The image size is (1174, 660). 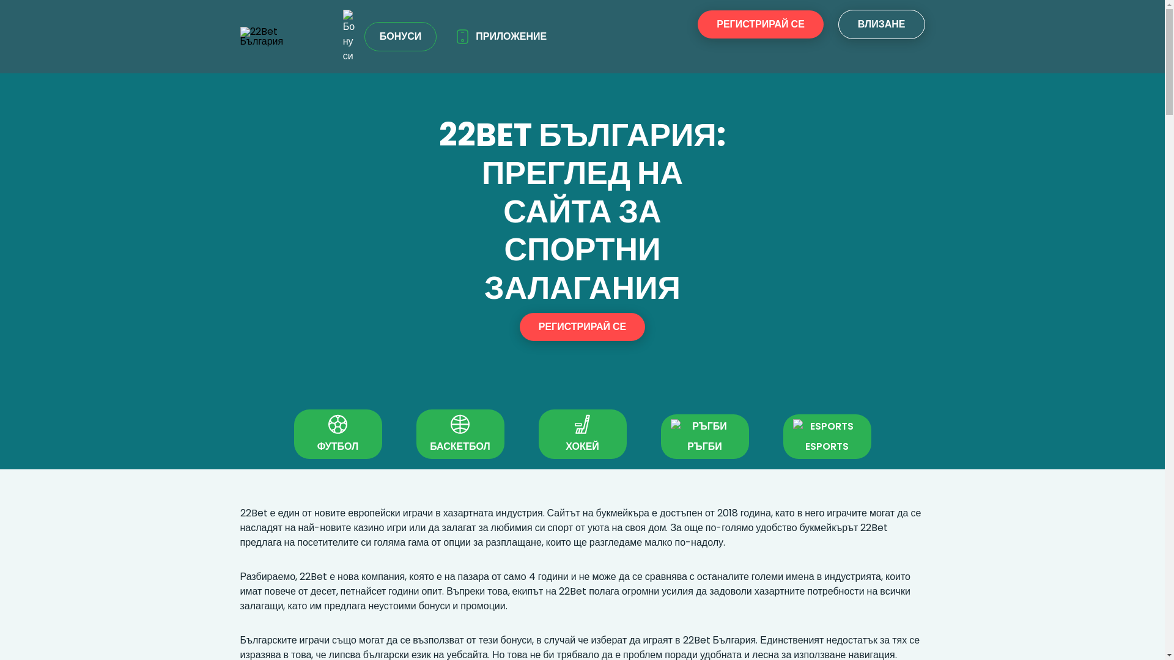 What do you see at coordinates (783, 436) in the screenshot?
I see `'ESPORTS'` at bounding box center [783, 436].